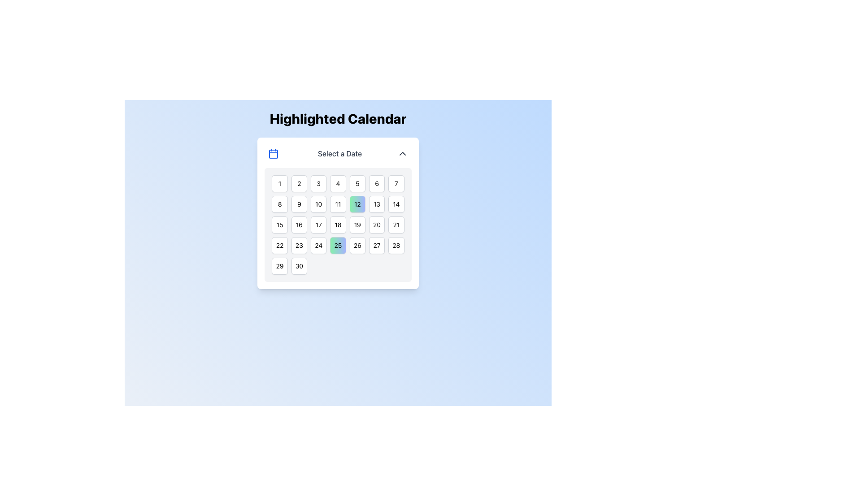 Image resolution: width=861 pixels, height=484 pixels. Describe the element at coordinates (299, 204) in the screenshot. I see `the rectangular button with the number '9' in bold black font, located in the second row, second column of the calendar grid` at that location.